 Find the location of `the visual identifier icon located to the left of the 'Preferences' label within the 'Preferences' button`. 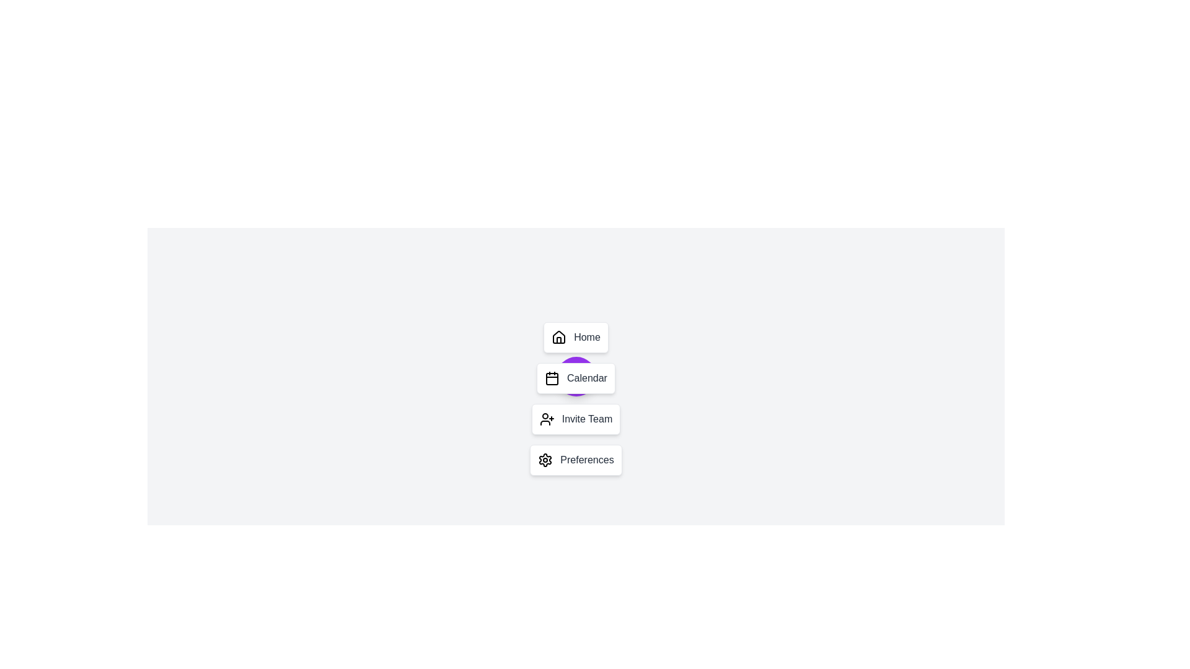

the visual identifier icon located to the left of the 'Preferences' label within the 'Preferences' button is located at coordinates (545, 460).